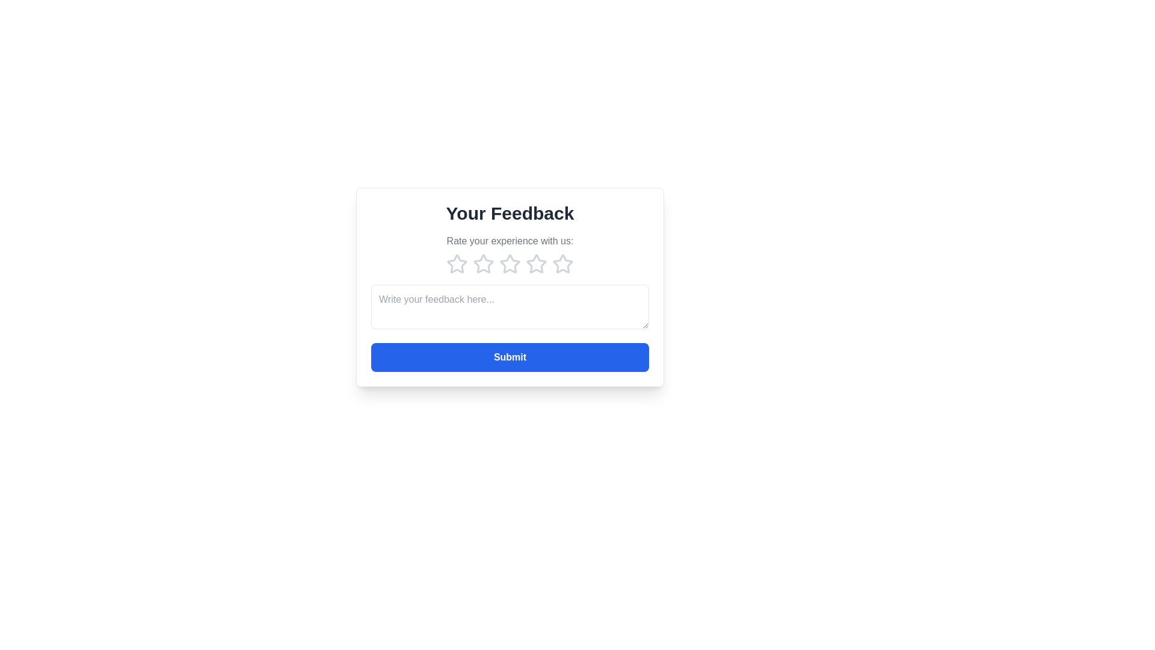 This screenshot has width=1155, height=650. What do you see at coordinates (510, 264) in the screenshot?
I see `the star corresponding to 3 to preview the rating` at bounding box center [510, 264].